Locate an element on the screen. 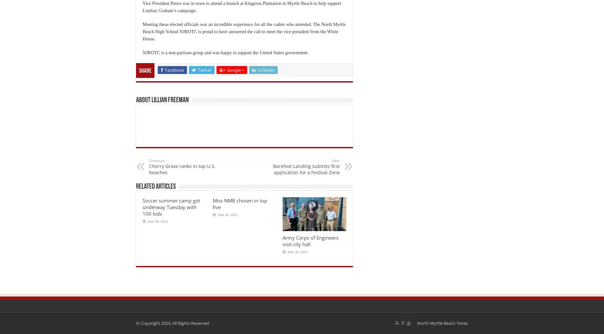 This screenshot has height=334, width=604. 'Meeting these elected officials was an incredible experience for all  the cadets who attended. The North Myrtle Beach High School NJROTC is proud to have answered the call to meet the vice president from the White House.' is located at coordinates (244, 31).